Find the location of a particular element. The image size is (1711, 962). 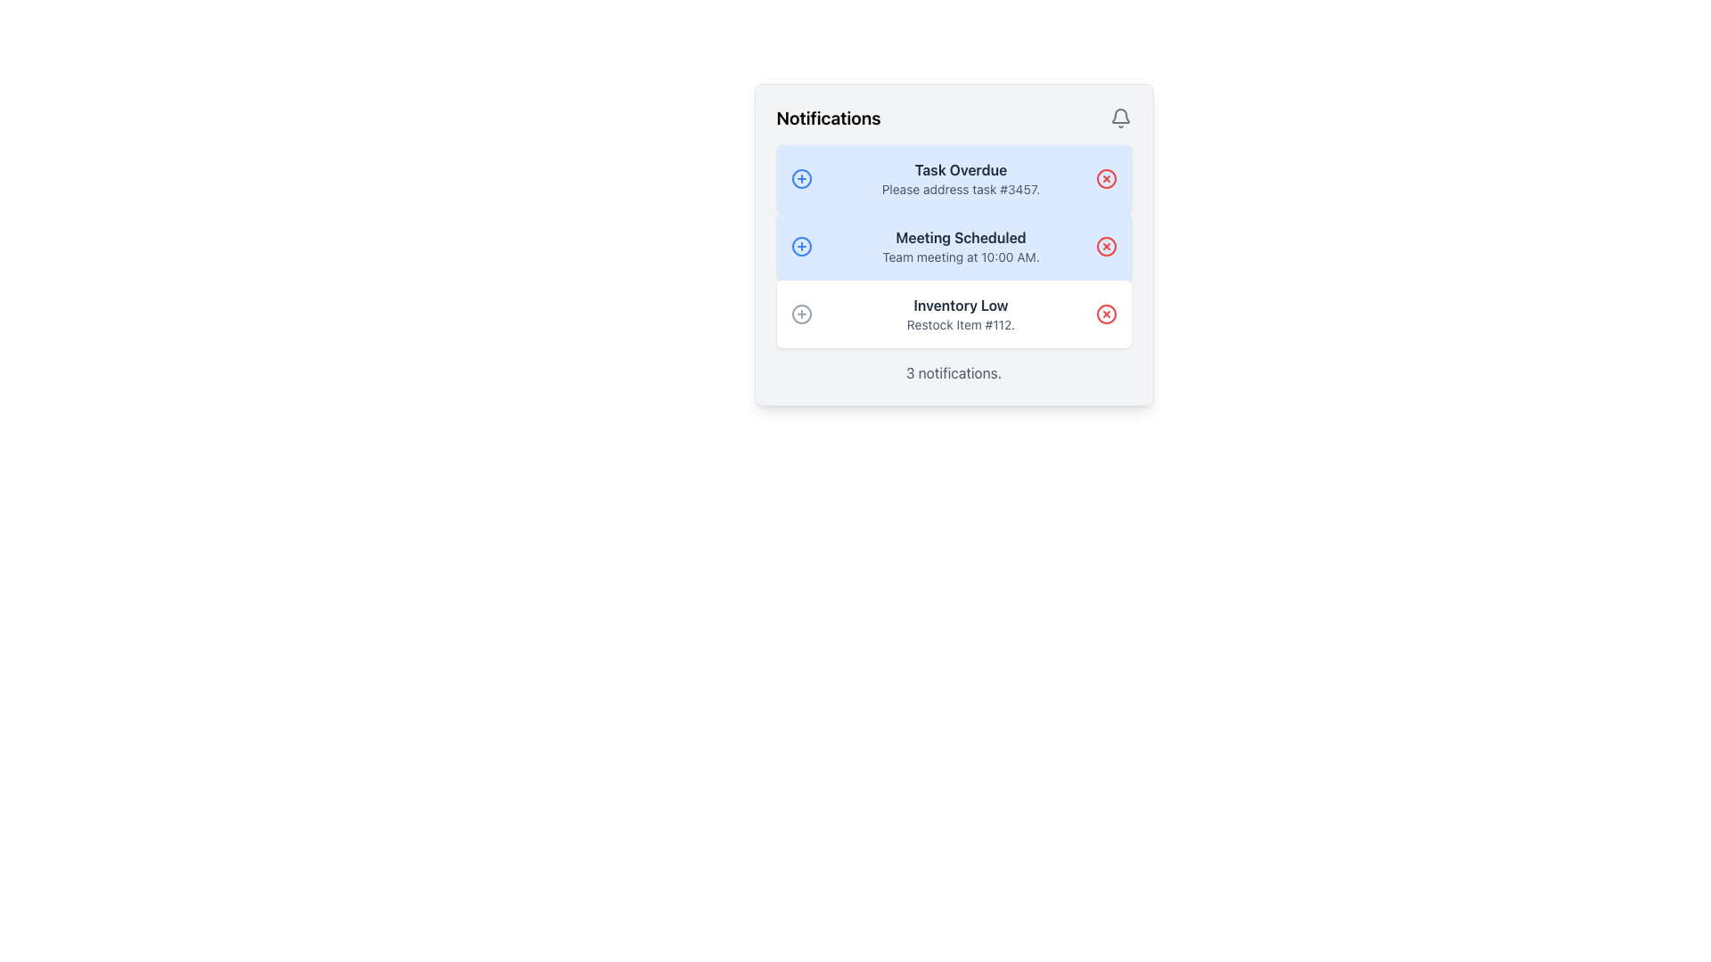

the actionable icon button located on the left side of the 'Task Overdue' notification to interact with it is located at coordinates (800, 178).